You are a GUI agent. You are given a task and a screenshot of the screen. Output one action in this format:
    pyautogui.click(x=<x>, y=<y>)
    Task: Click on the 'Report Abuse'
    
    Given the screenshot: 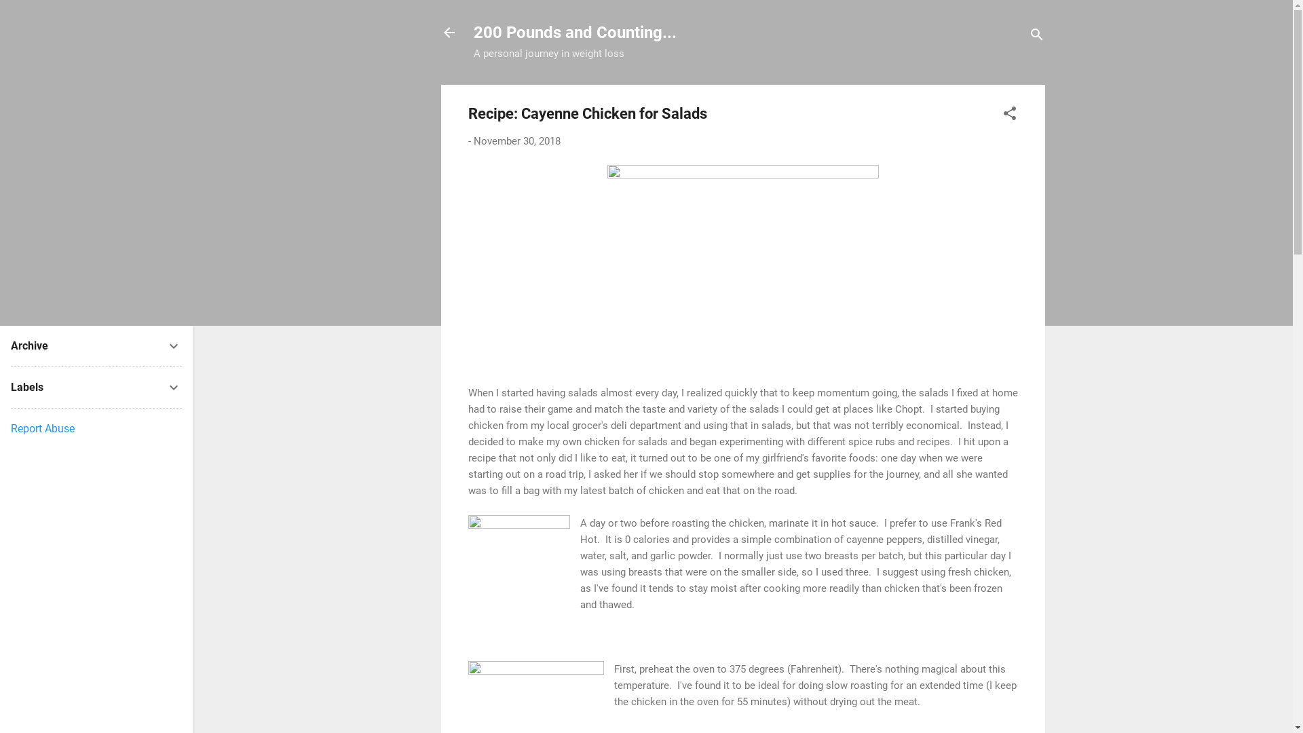 What is the action you would take?
    pyautogui.click(x=42, y=428)
    